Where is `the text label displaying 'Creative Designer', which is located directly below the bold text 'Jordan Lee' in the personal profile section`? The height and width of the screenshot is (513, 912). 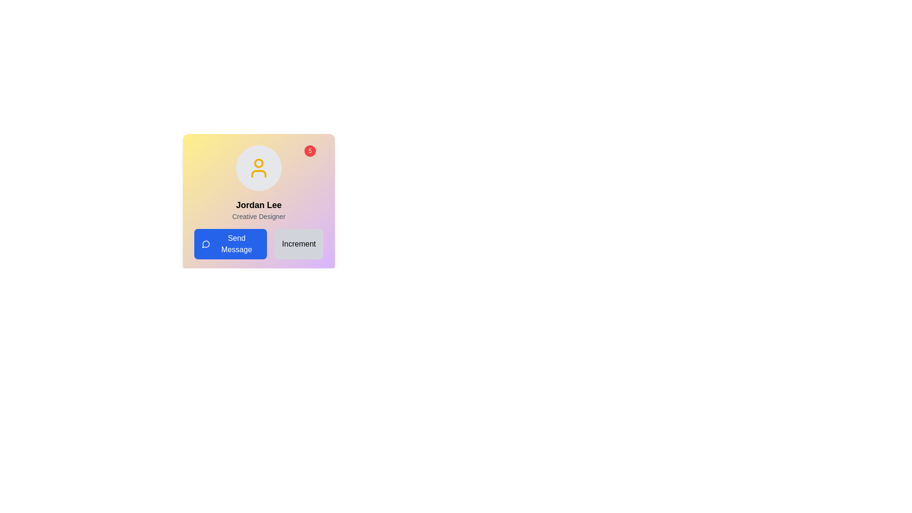 the text label displaying 'Creative Designer', which is located directly below the bold text 'Jordan Lee' in the personal profile section is located at coordinates (259, 216).